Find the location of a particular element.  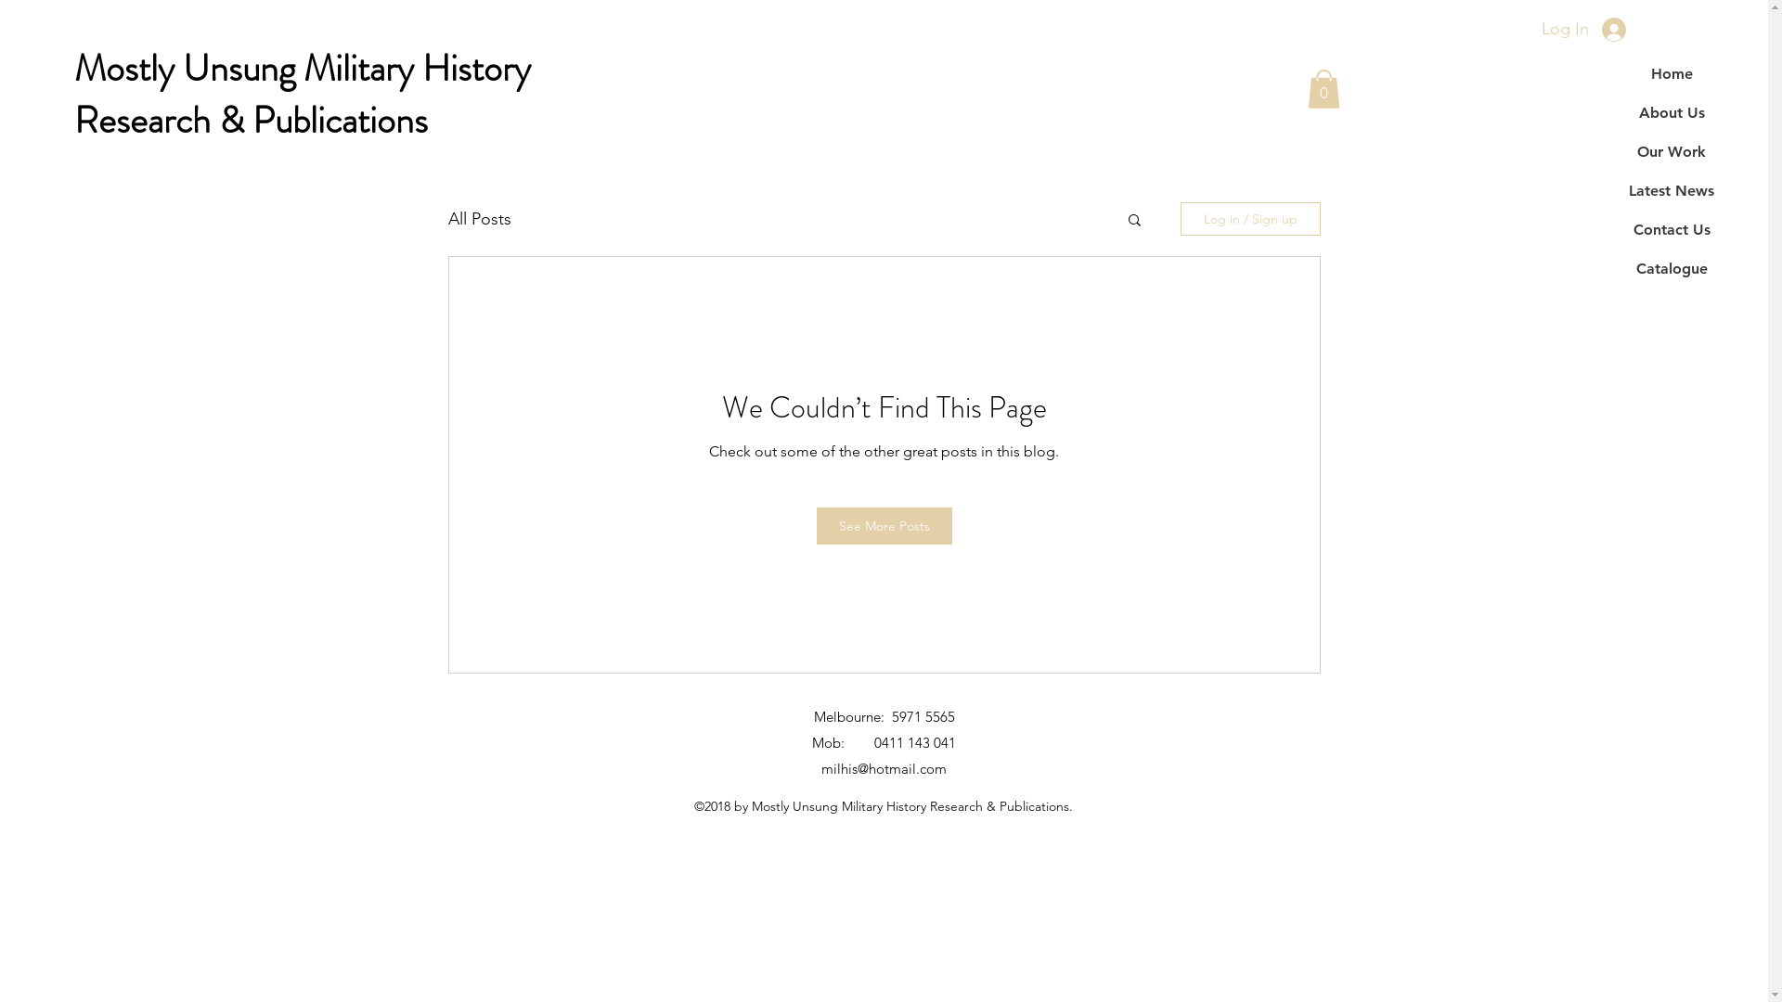

'Catalogue' is located at coordinates (1671, 268).